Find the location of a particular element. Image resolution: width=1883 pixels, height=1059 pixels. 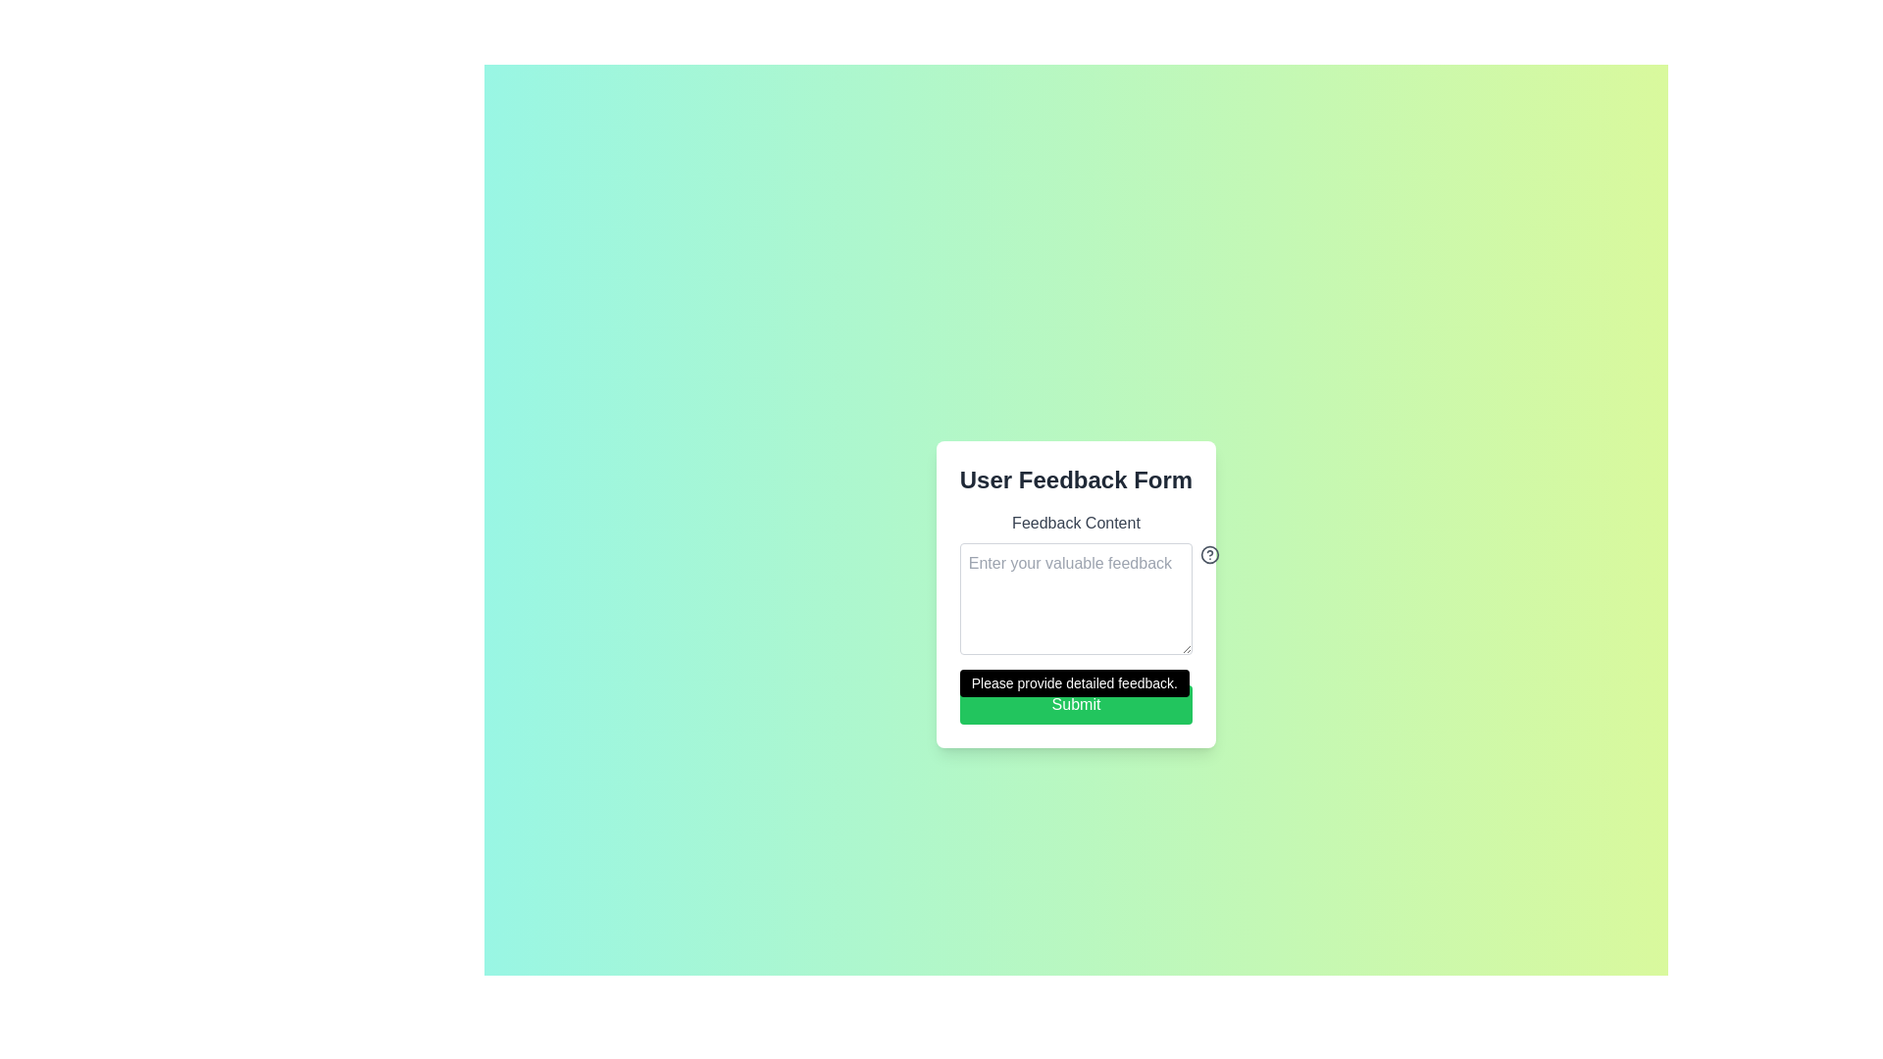

the Help or Information icon, which is a small circular icon with a question mark inside, located to the right of the 'Feedback Content' text input field is located at coordinates (1209, 555).